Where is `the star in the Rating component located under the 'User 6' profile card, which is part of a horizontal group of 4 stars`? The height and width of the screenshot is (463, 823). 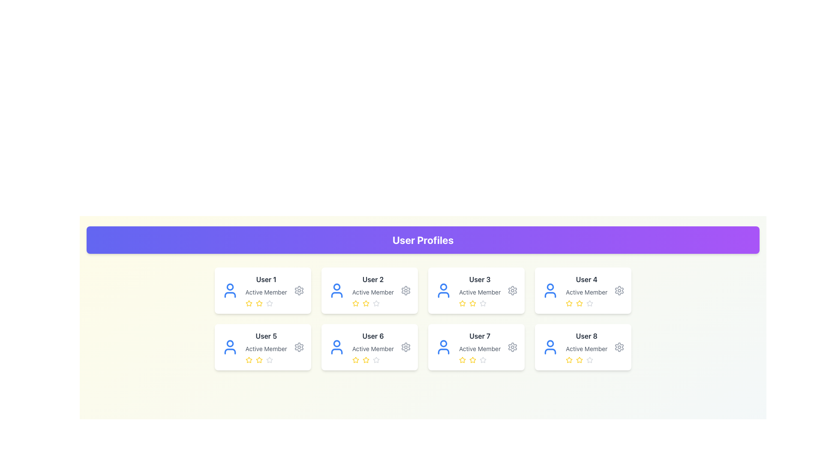
the star in the Rating component located under the 'User 6' profile card, which is part of a horizontal group of 4 stars is located at coordinates (373, 360).